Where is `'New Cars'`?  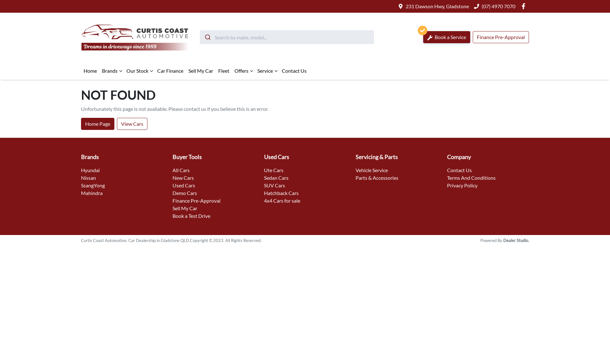 'New Cars' is located at coordinates (183, 178).